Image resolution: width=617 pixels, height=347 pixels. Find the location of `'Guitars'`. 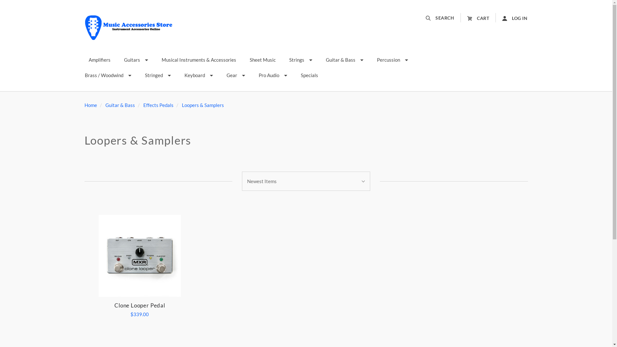

'Guitars' is located at coordinates (119, 60).